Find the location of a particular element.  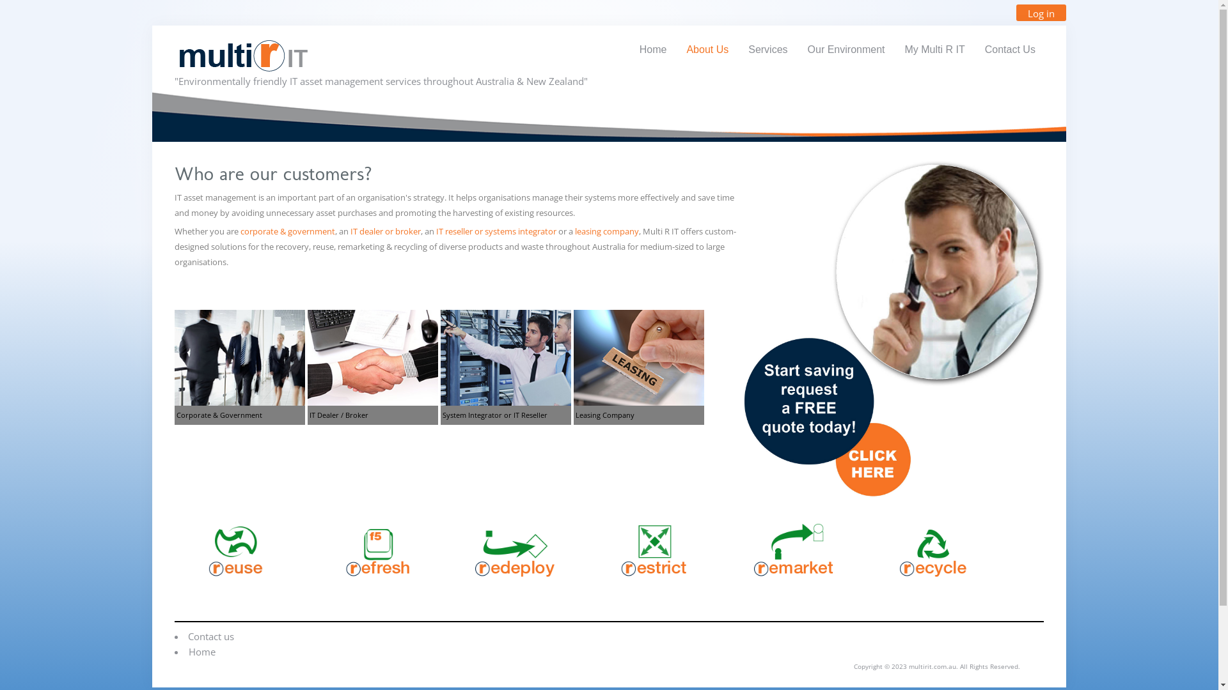

'IT dealer or broker' is located at coordinates (385, 231).